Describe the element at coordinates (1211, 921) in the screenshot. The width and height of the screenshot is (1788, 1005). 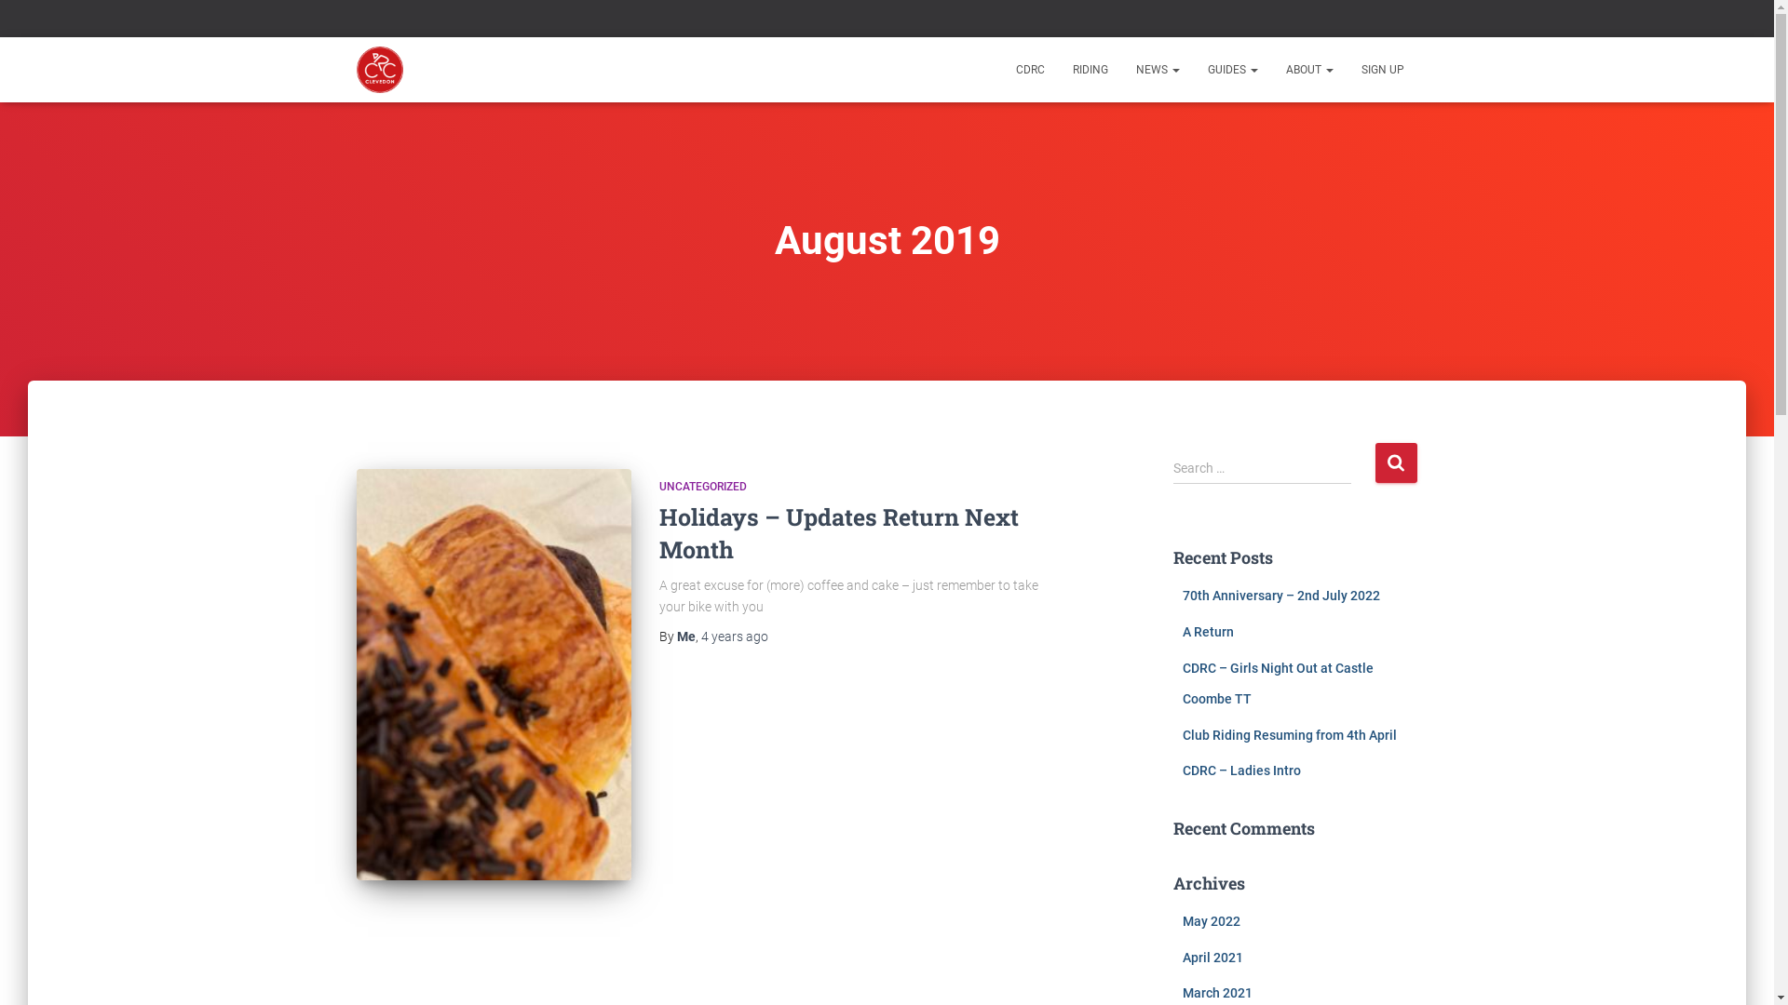
I see `'May 2022'` at that location.